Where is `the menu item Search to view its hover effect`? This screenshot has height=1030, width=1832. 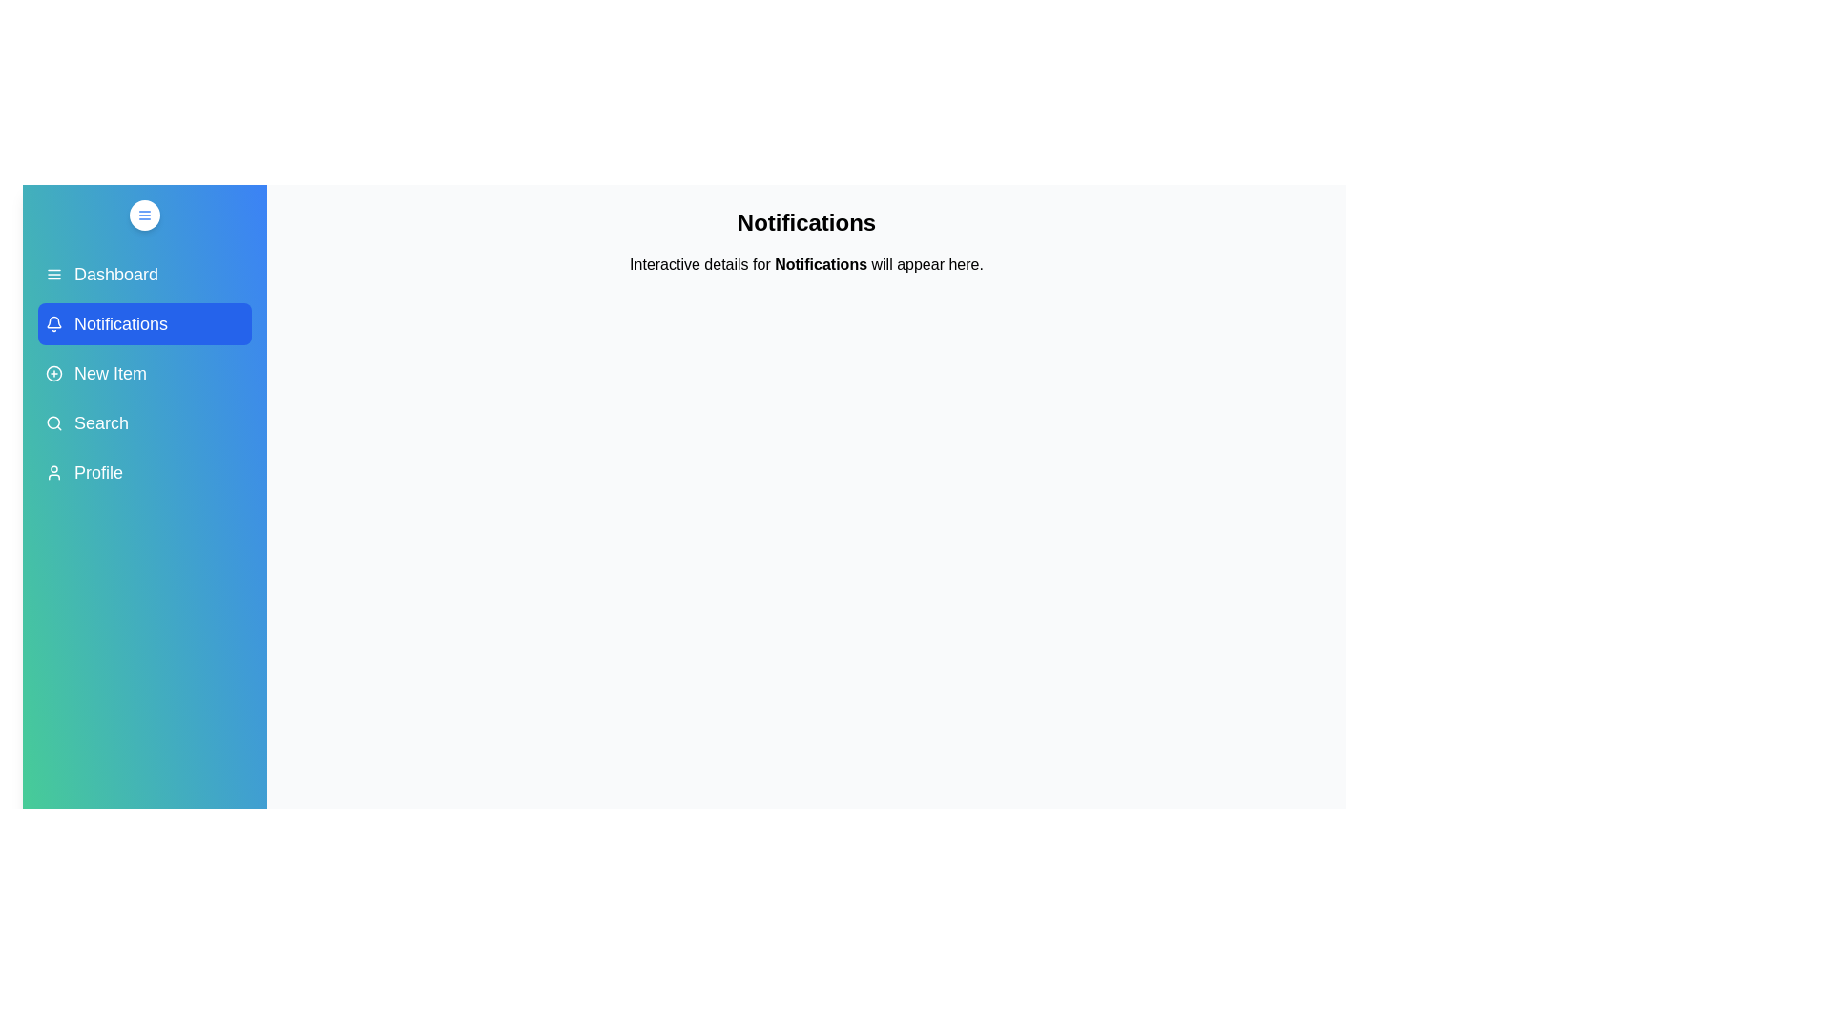
the menu item Search to view its hover effect is located at coordinates (144, 422).